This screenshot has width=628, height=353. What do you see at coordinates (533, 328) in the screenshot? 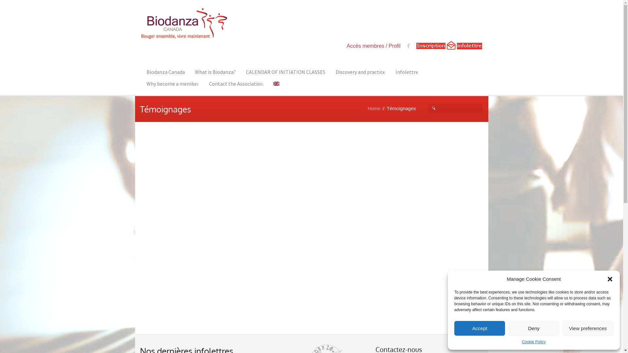
I see `'Deny'` at bounding box center [533, 328].